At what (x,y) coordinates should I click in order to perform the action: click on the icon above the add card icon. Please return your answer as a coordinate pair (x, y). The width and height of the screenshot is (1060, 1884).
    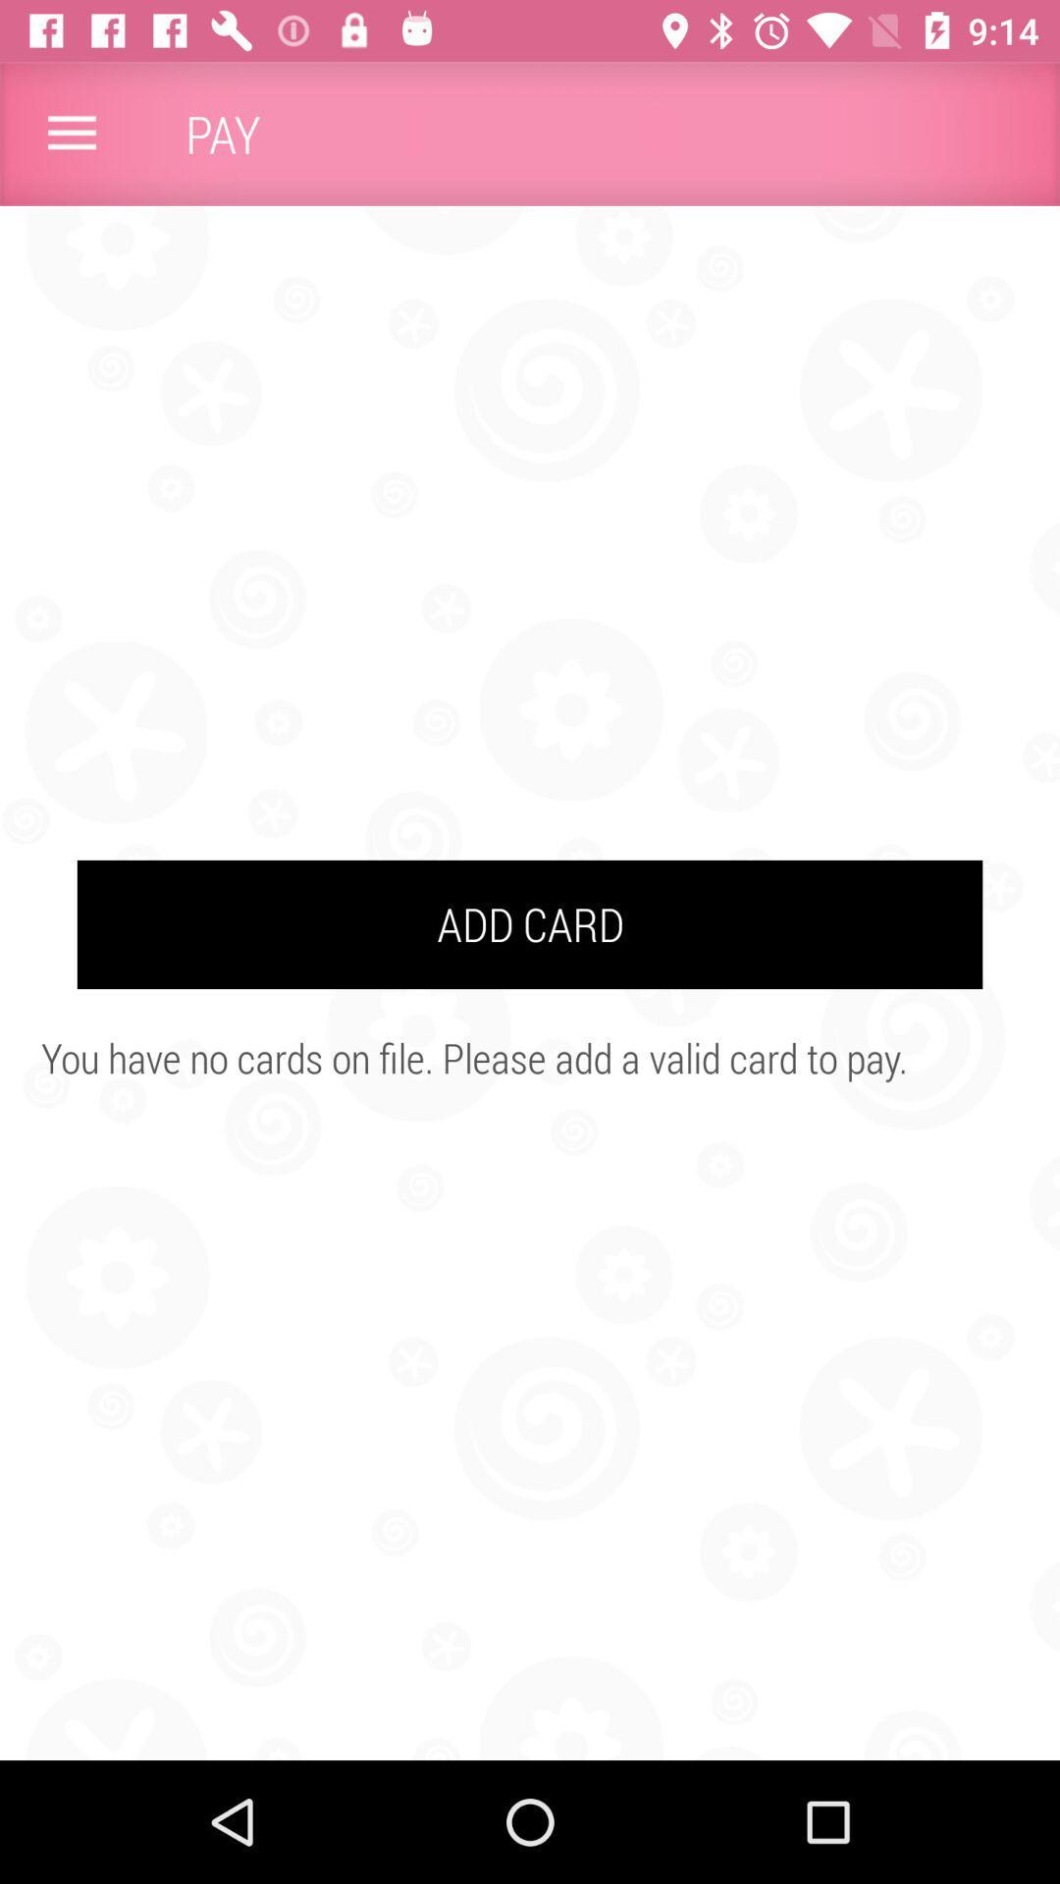
    Looking at the image, I should click on (71, 132).